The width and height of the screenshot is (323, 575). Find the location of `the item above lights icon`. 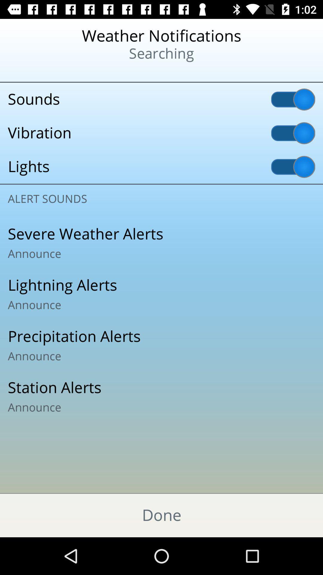

the item above lights icon is located at coordinates (161, 133).